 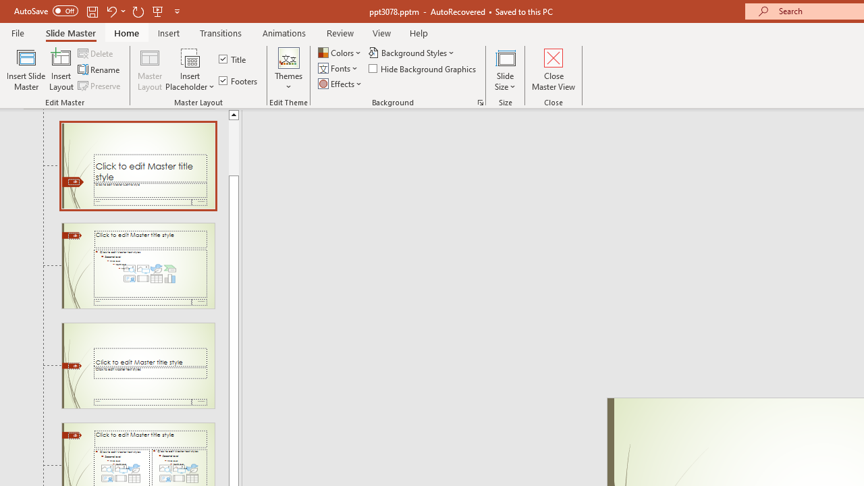 I want to click on 'Slide Title and Content Layout: used by no slides', so click(x=138, y=266).